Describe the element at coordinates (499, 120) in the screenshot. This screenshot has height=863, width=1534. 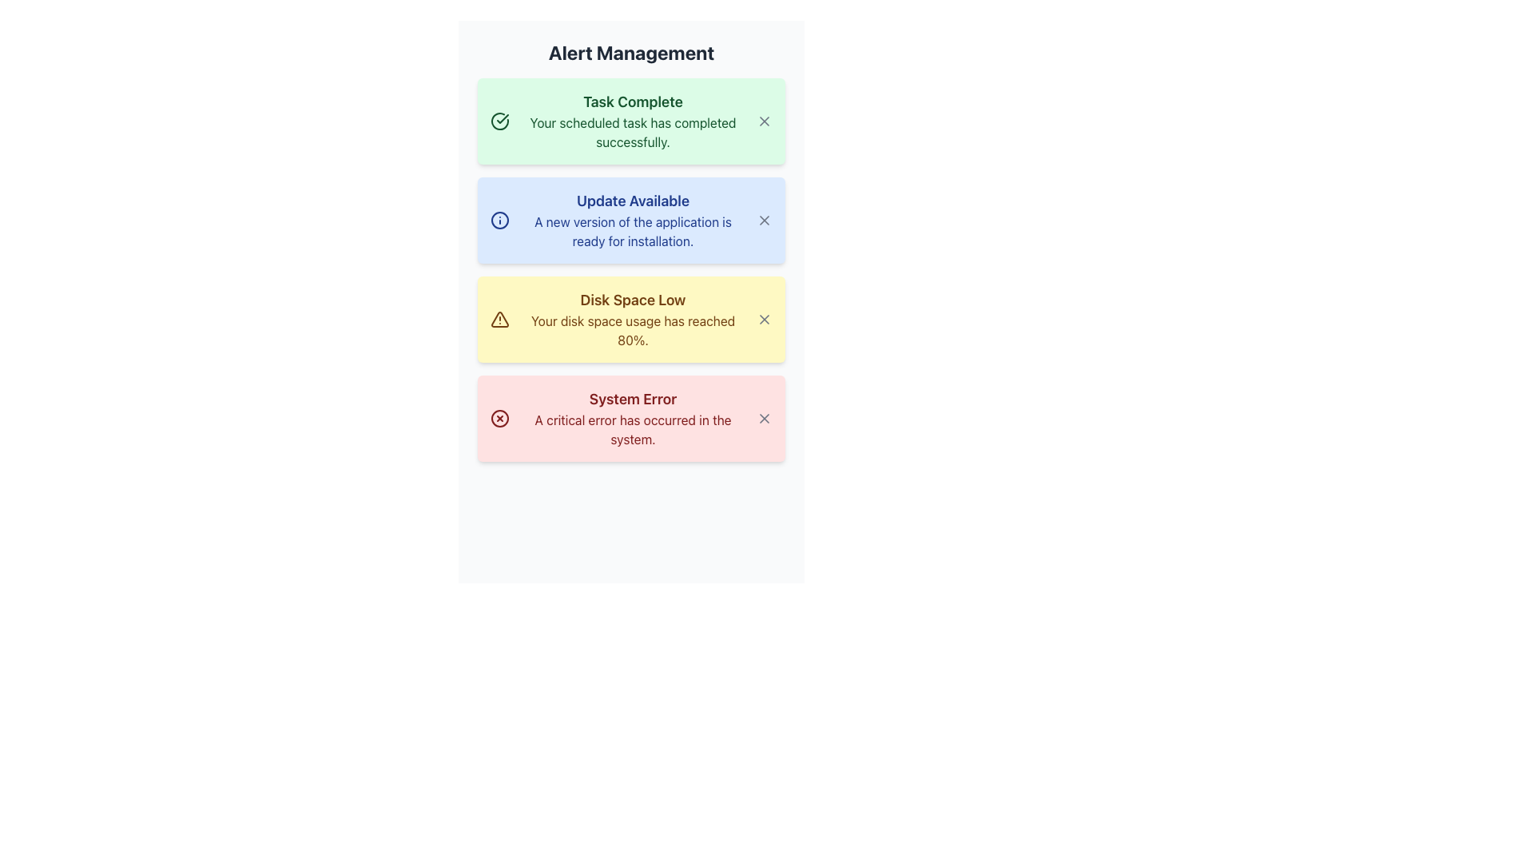
I see `the circular icon with a checkmark symbol, outlined with a green stroke, located to the left of the 'Task Complete' text in the green message dialog box` at that location.